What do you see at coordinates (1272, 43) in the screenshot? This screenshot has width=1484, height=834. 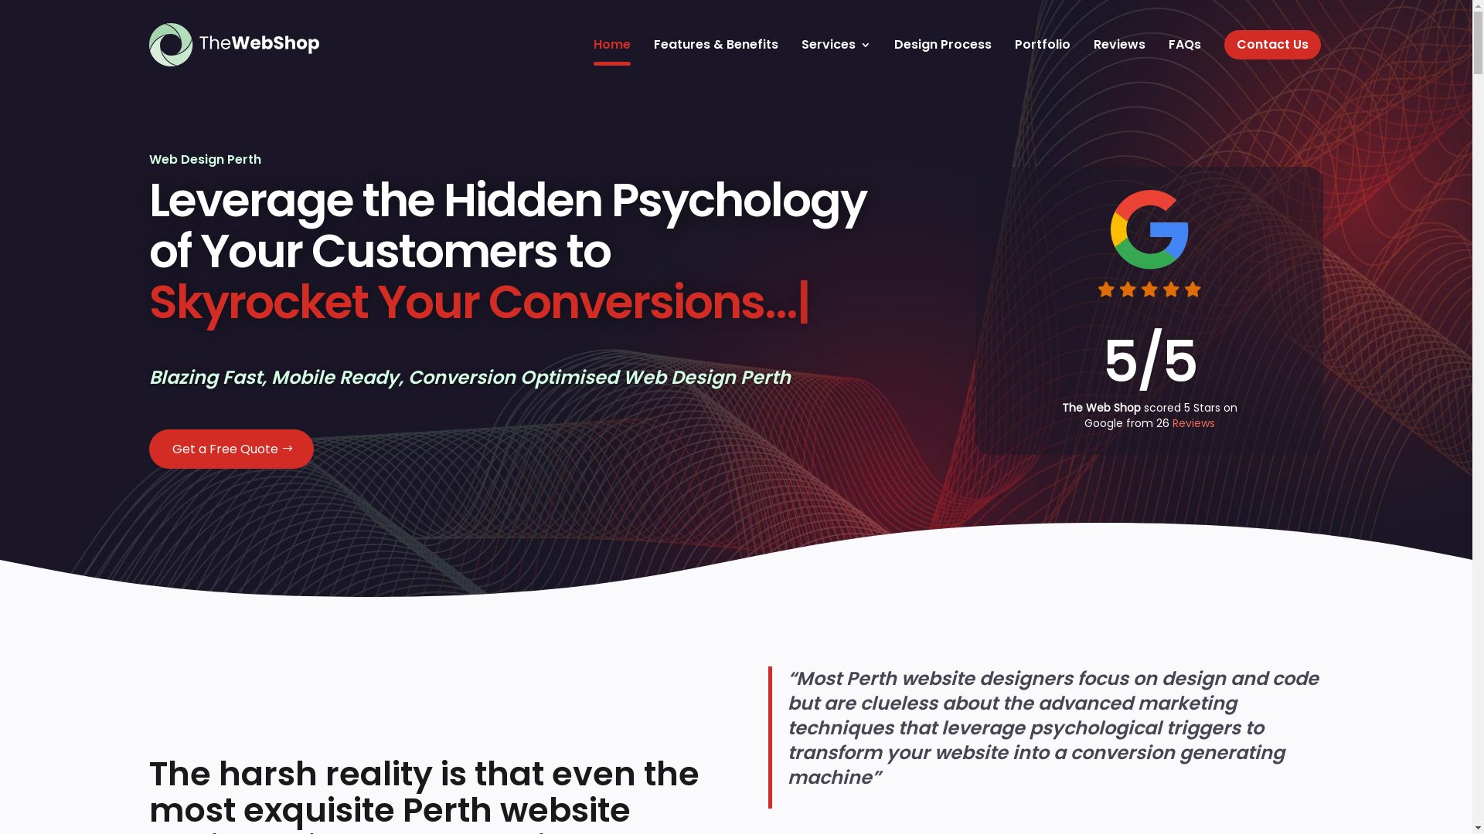 I see `'Contact Us'` at bounding box center [1272, 43].